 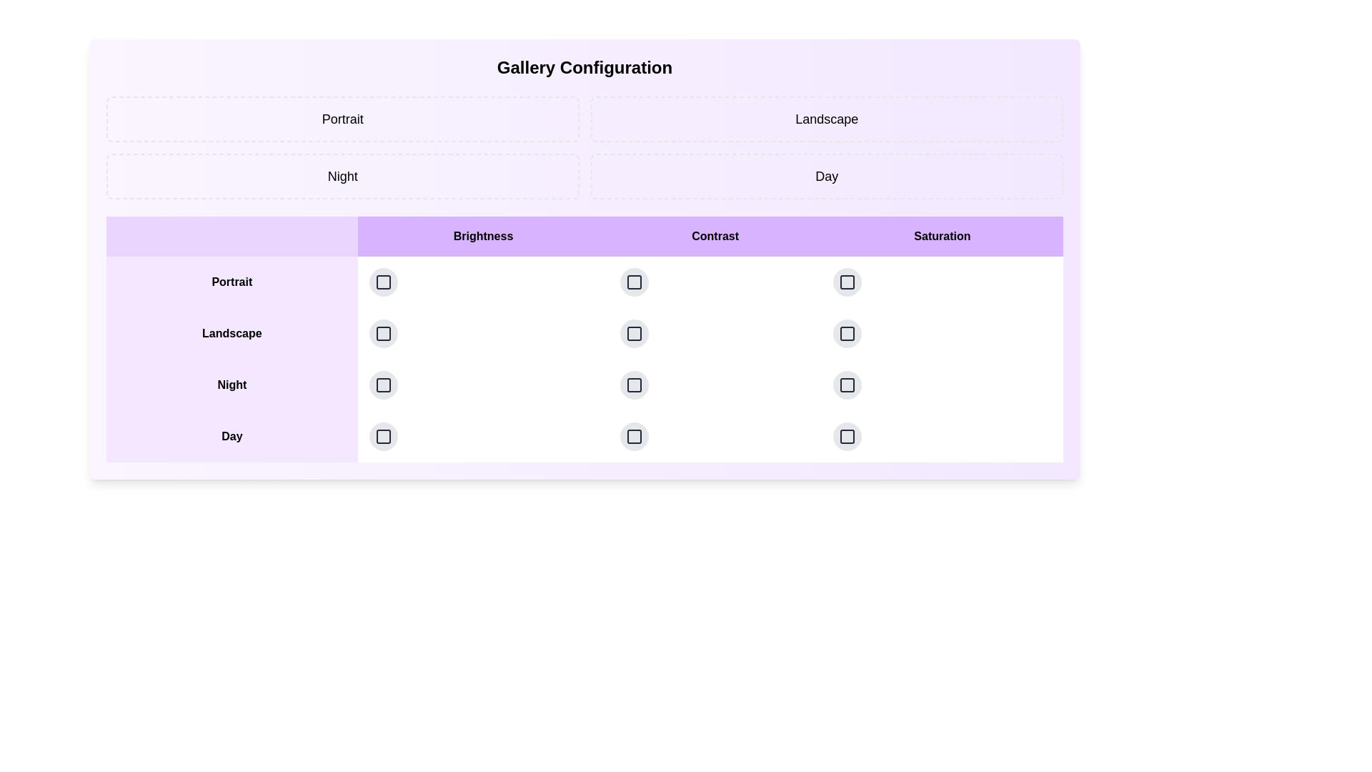 What do you see at coordinates (383, 385) in the screenshot?
I see `the toggle button for 'Brightness' in the 'Night' configuration located in the third row of the 'Gallery Configuration' grid` at bounding box center [383, 385].